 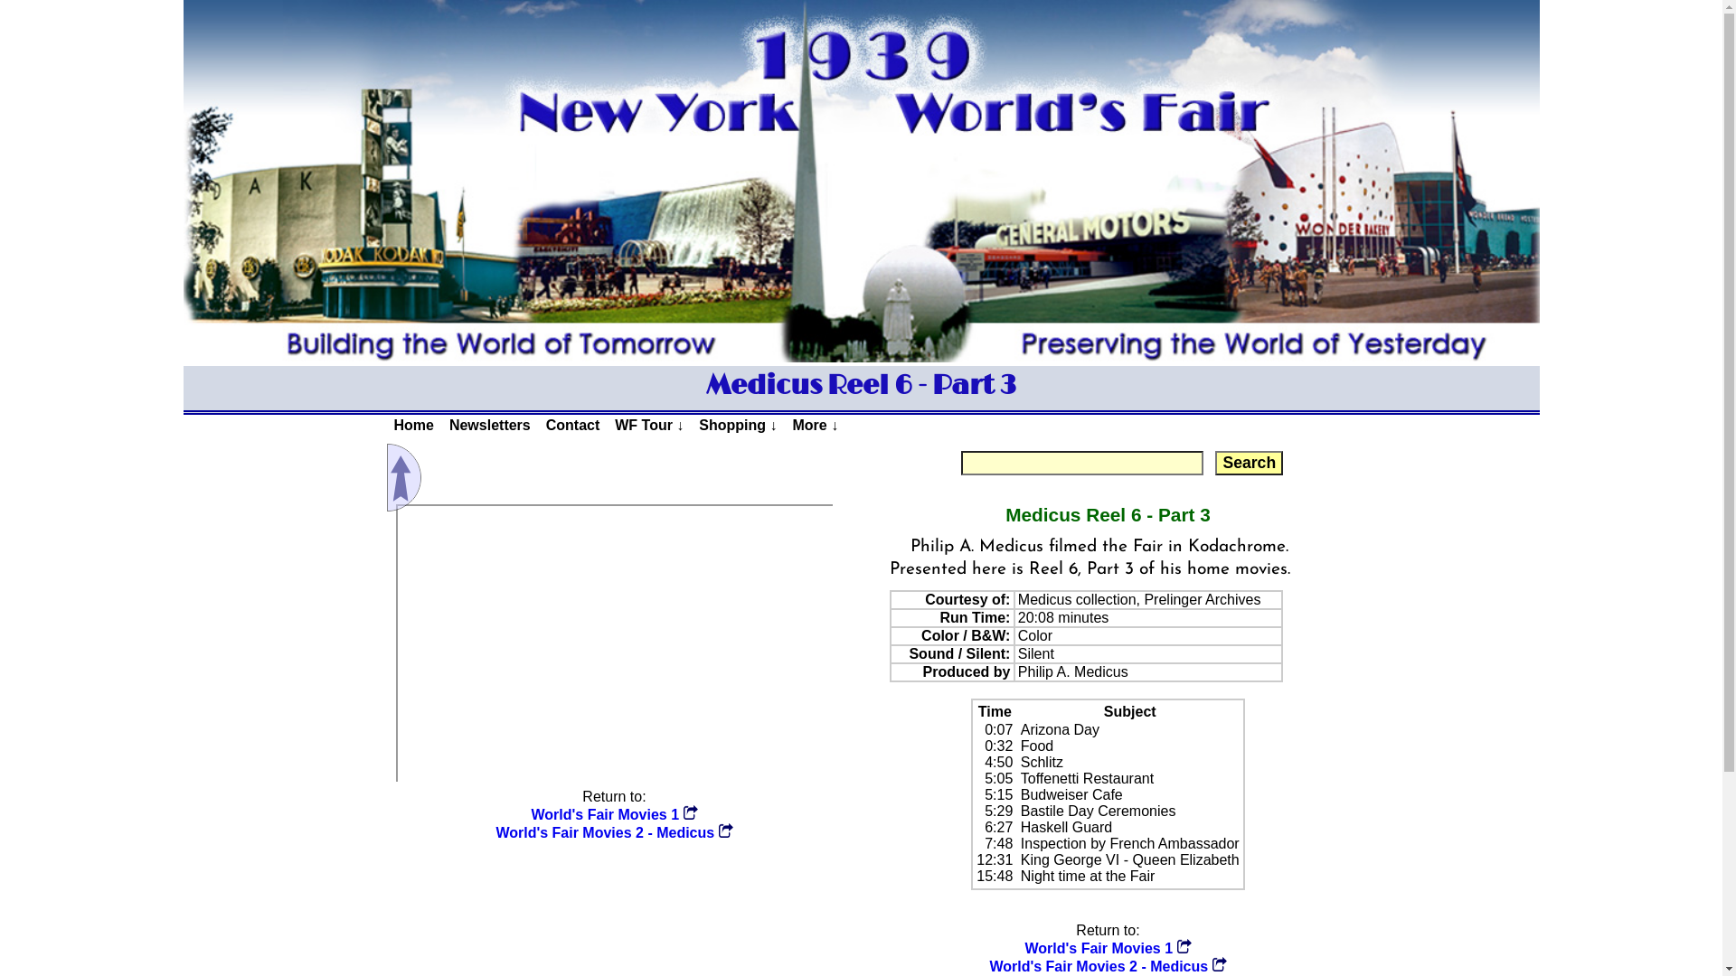 I want to click on 'Search', so click(x=1215, y=462).